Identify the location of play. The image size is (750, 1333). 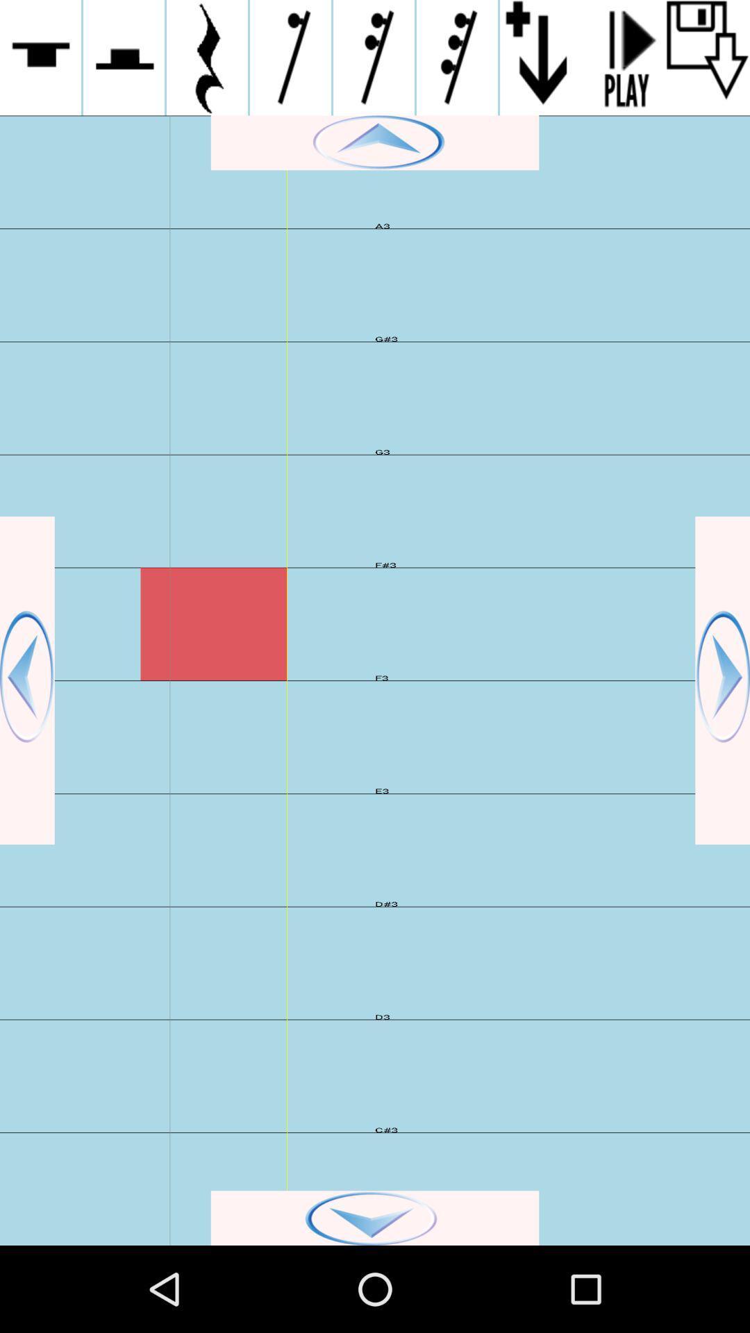
(624, 57).